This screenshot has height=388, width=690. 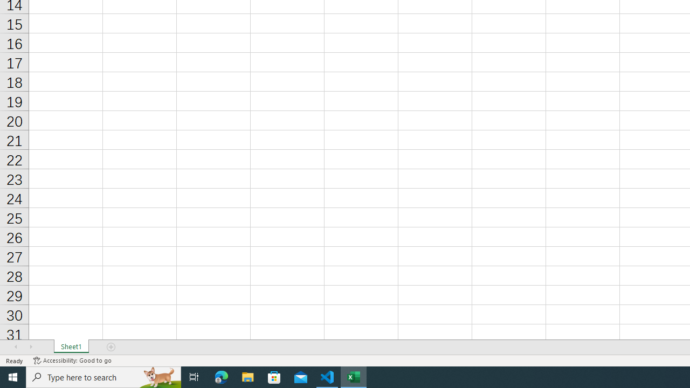 I want to click on 'Sheet1', so click(x=71, y=347).